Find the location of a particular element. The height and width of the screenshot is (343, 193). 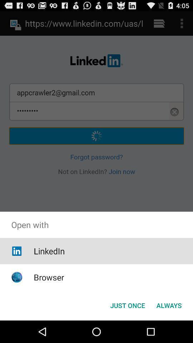

always at the bottom right corner is located at coordinates (169, 305).